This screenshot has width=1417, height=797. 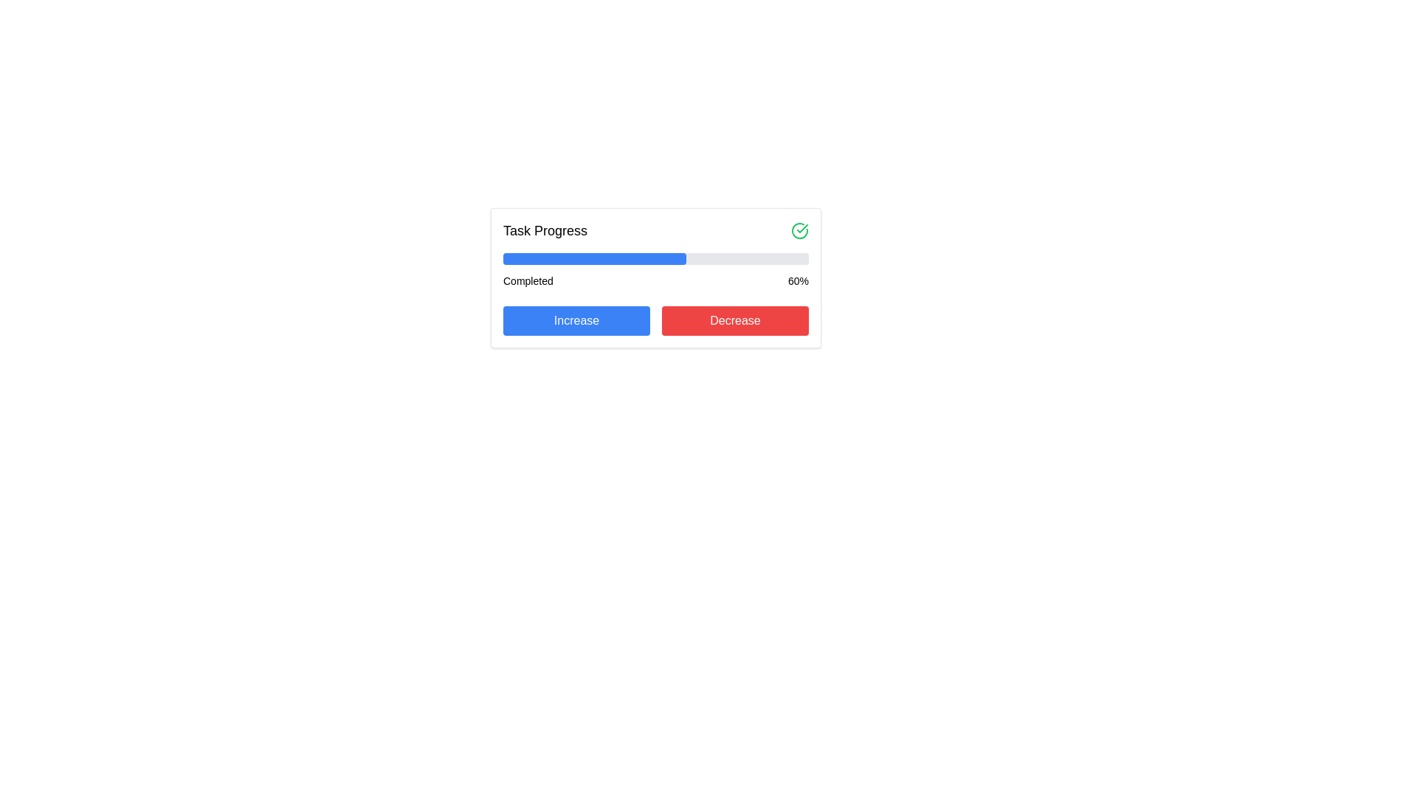 I want to click on the green circular checkmark icon indicating completion, located in the top-right corner of the 'Task Progress' section, adjacent to the 'Task Progress' title text, so click(x=799, y=230).